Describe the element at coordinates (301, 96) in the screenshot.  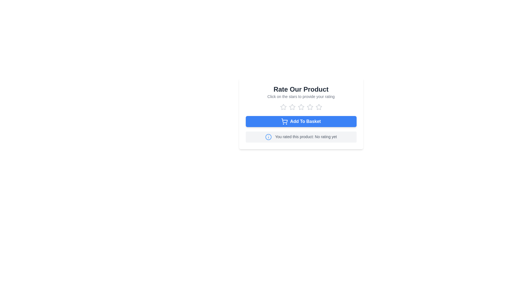
I see `the instructional label that provides guidance for the star rating component, located directly above it in the 'Rate Our Product' section` at that location.